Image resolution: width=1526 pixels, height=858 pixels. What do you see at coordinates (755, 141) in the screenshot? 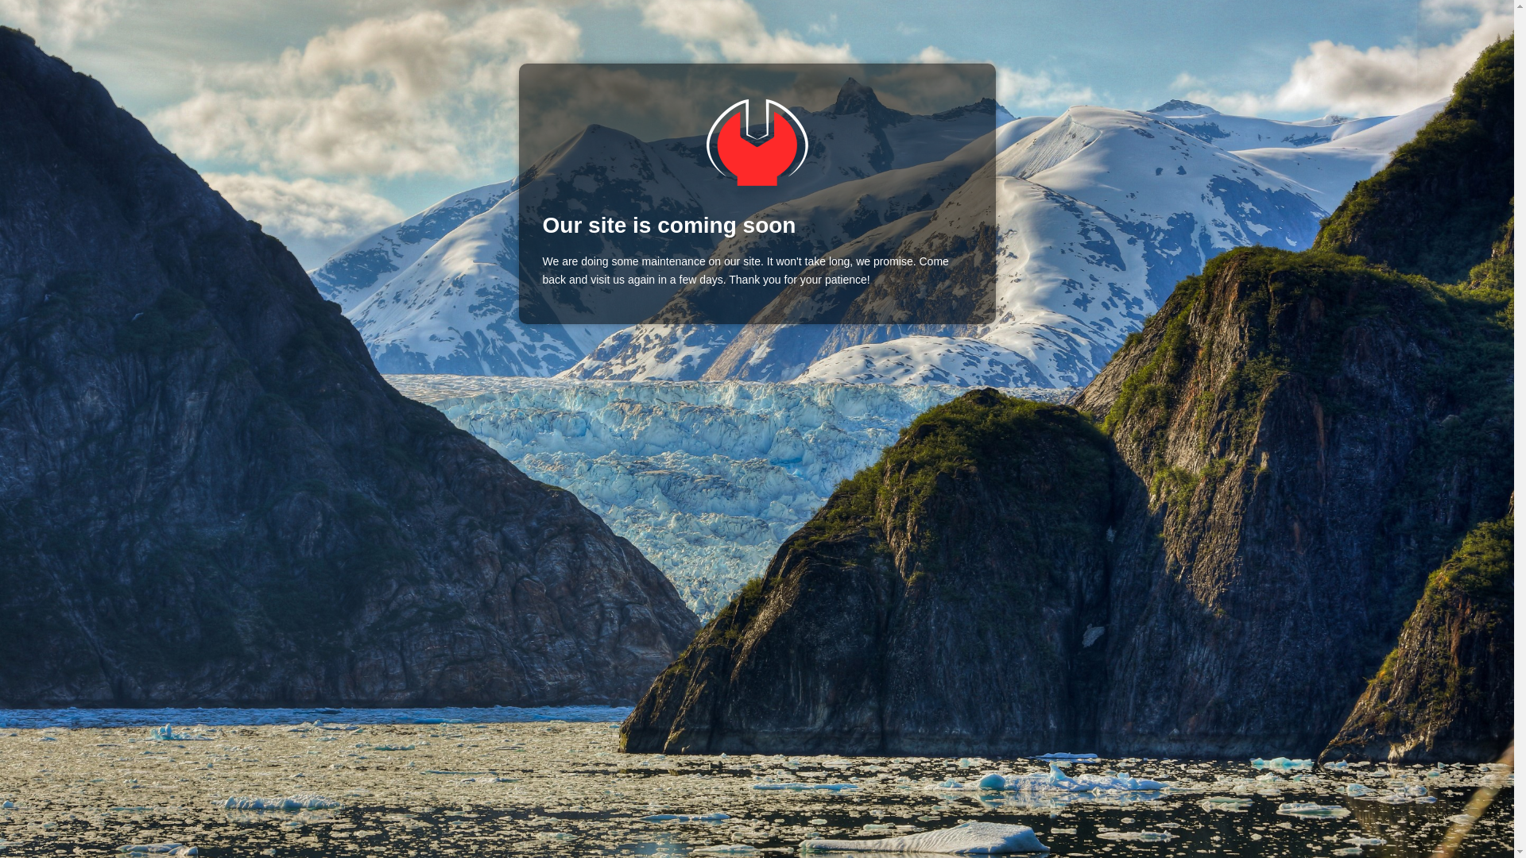
I see `'Long Lasting Private Wealth'` at bounding box center [755, 141].